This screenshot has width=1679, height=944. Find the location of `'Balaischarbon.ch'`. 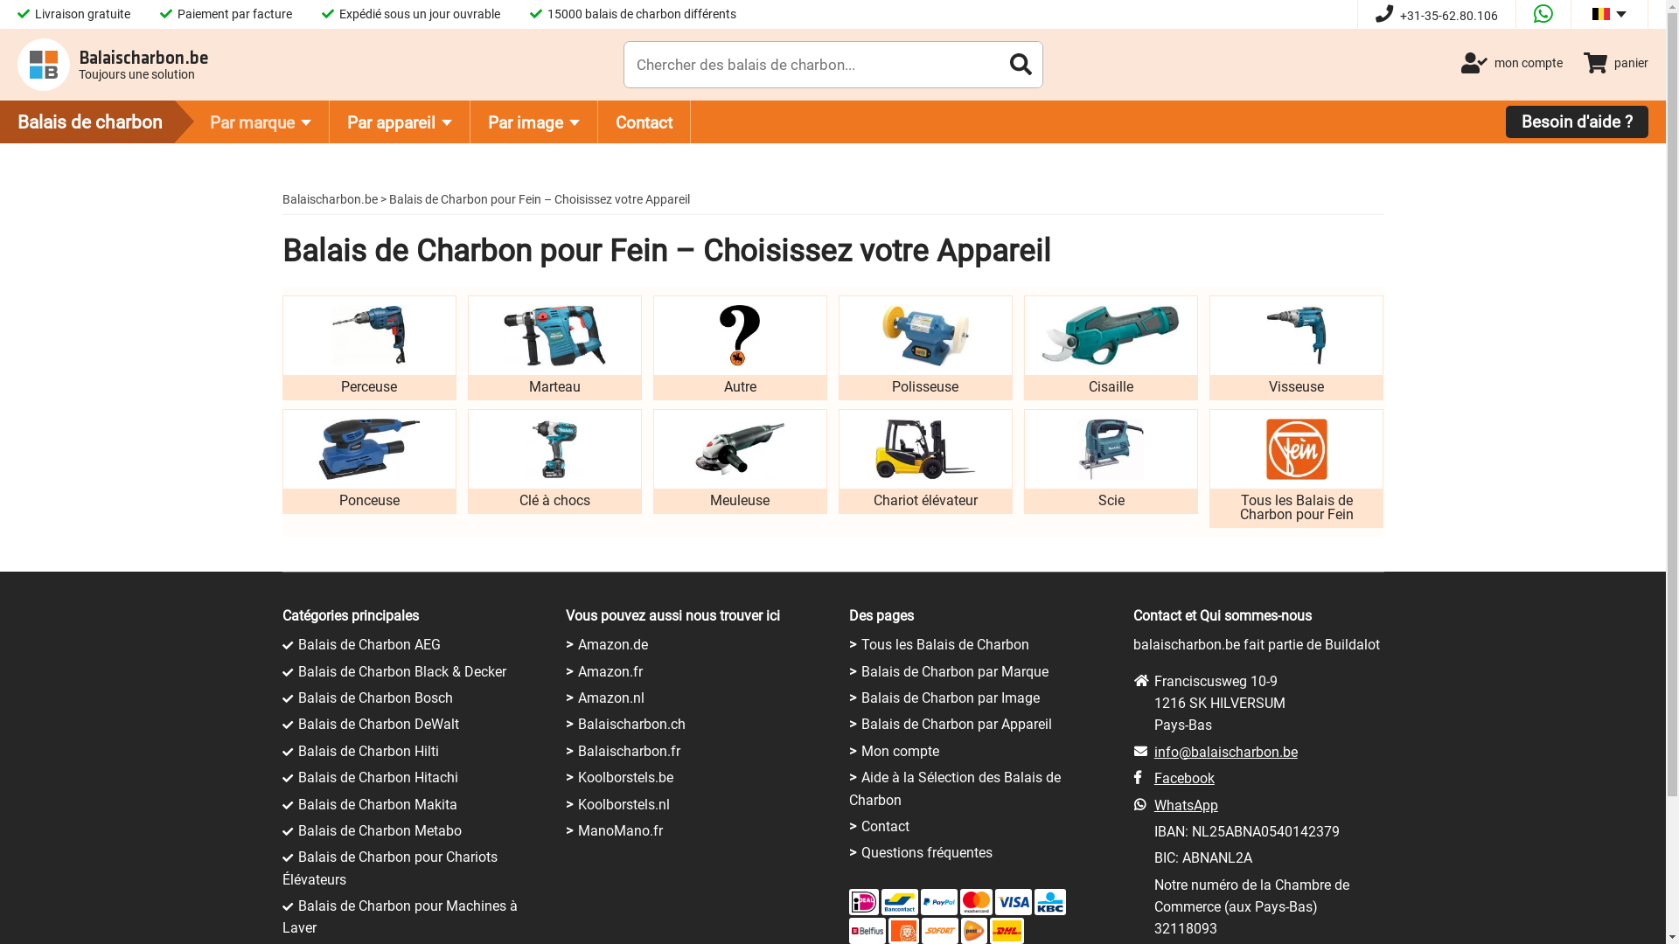

'Balaischarbon.ch' is located at coordinates (578, 724).